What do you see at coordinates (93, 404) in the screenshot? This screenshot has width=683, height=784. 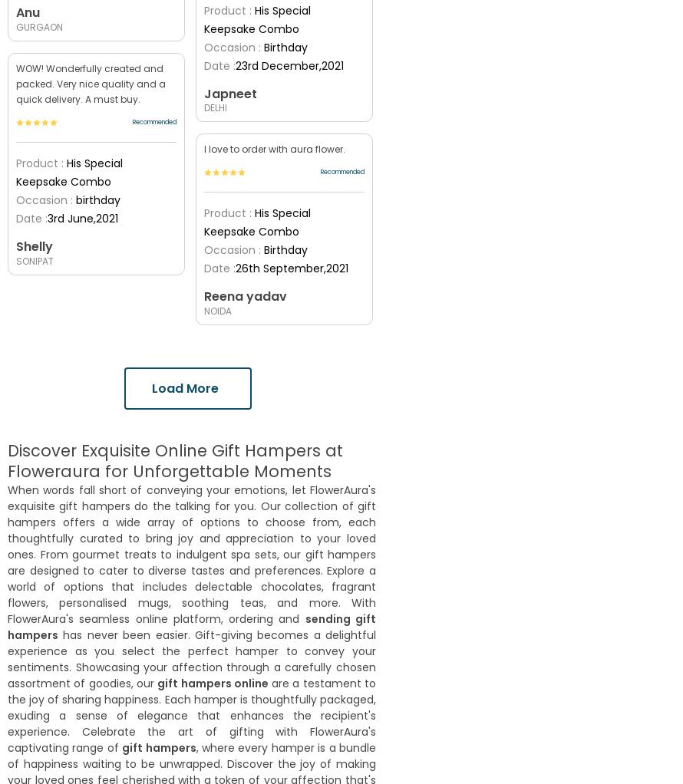 I see `'Captivating Melodies And Irresistible Fragrance Combo'` at bounding box center [93, 404].